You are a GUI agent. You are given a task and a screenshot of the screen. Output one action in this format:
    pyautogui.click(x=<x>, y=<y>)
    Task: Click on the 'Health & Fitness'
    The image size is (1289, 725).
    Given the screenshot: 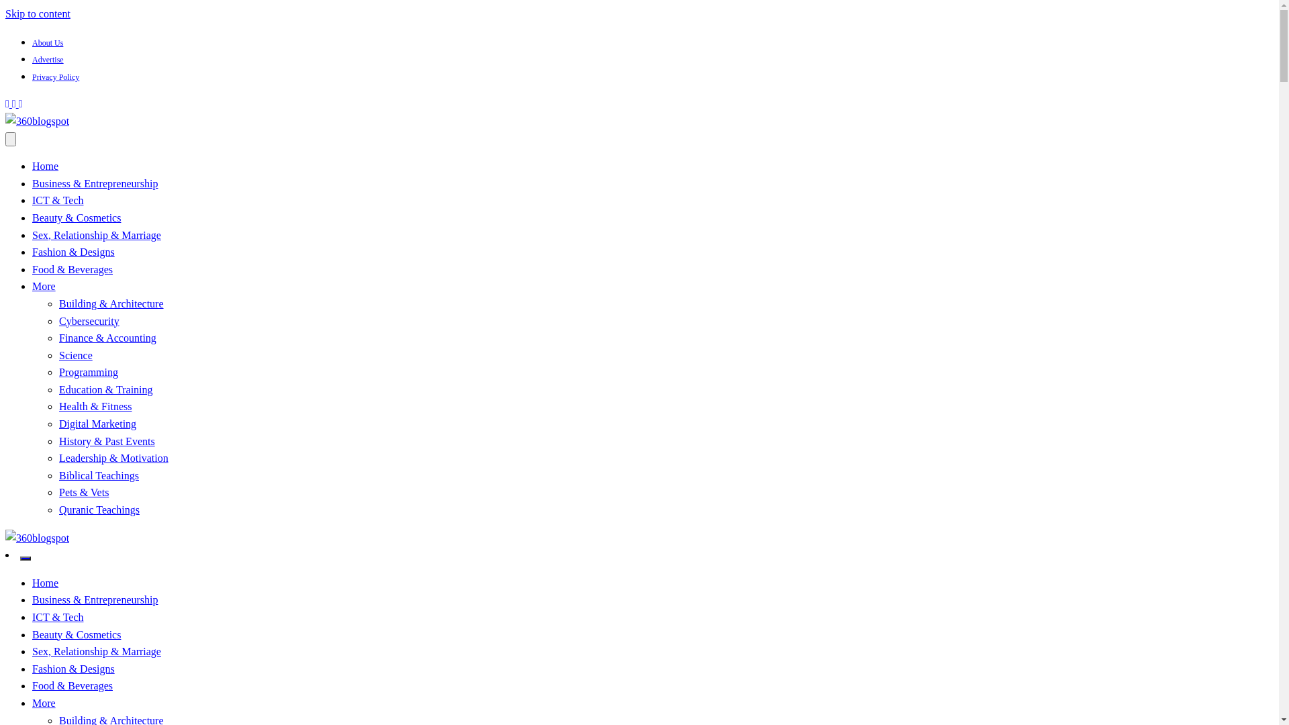 What is the action you would take?
    pyautogui.click(x=58, y=405)
    